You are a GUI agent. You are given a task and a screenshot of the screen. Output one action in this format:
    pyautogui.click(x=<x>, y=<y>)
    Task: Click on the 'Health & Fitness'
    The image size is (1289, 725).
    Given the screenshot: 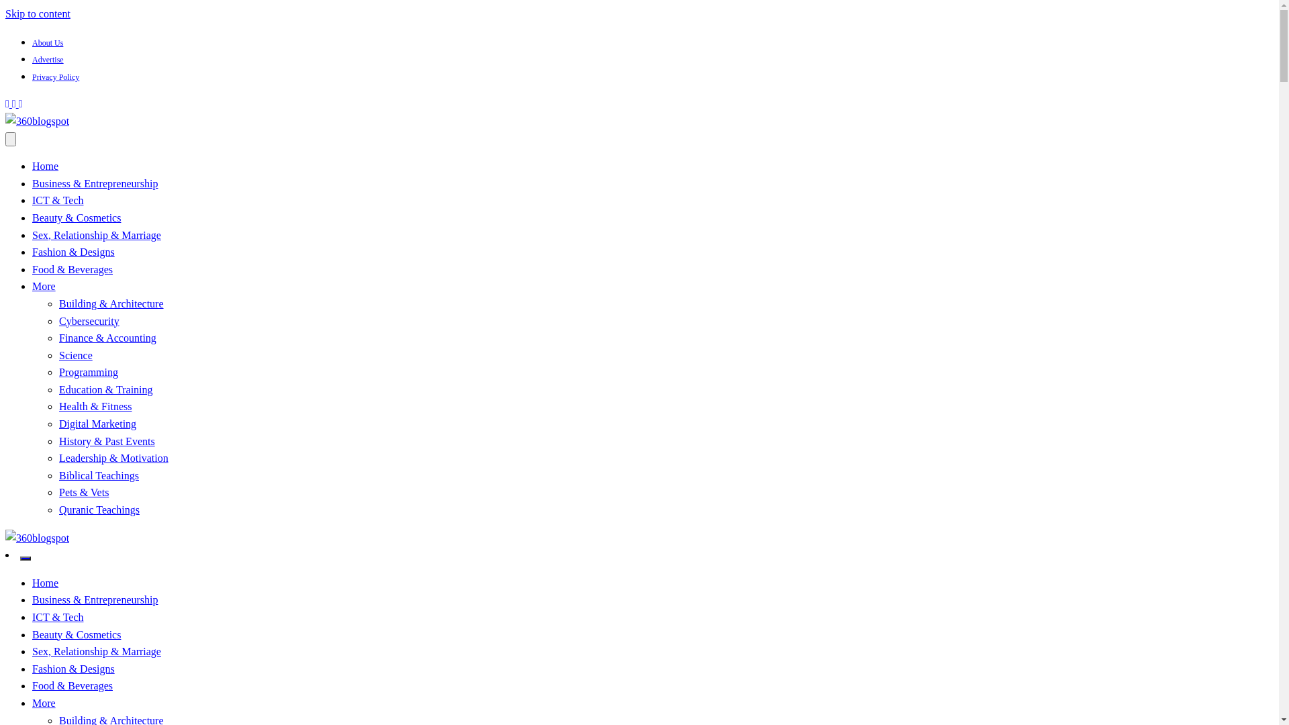 What is the action you would take?
    pyautogui.click(x=58, y=405)
    